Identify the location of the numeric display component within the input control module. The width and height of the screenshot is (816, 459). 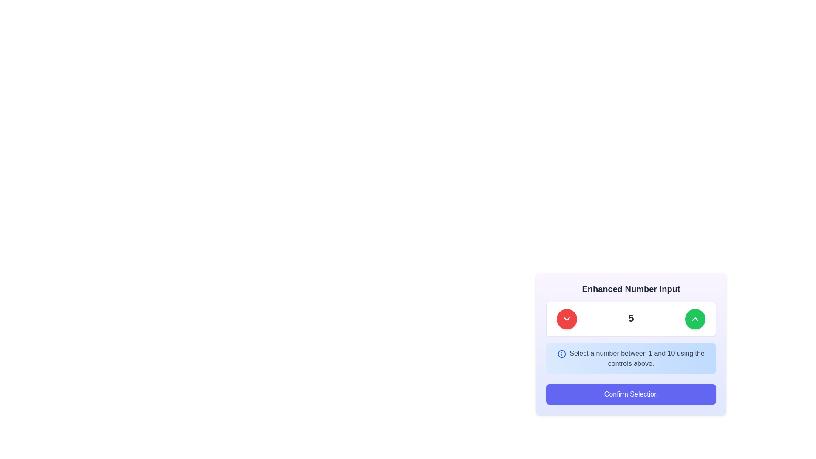
(631, 319).